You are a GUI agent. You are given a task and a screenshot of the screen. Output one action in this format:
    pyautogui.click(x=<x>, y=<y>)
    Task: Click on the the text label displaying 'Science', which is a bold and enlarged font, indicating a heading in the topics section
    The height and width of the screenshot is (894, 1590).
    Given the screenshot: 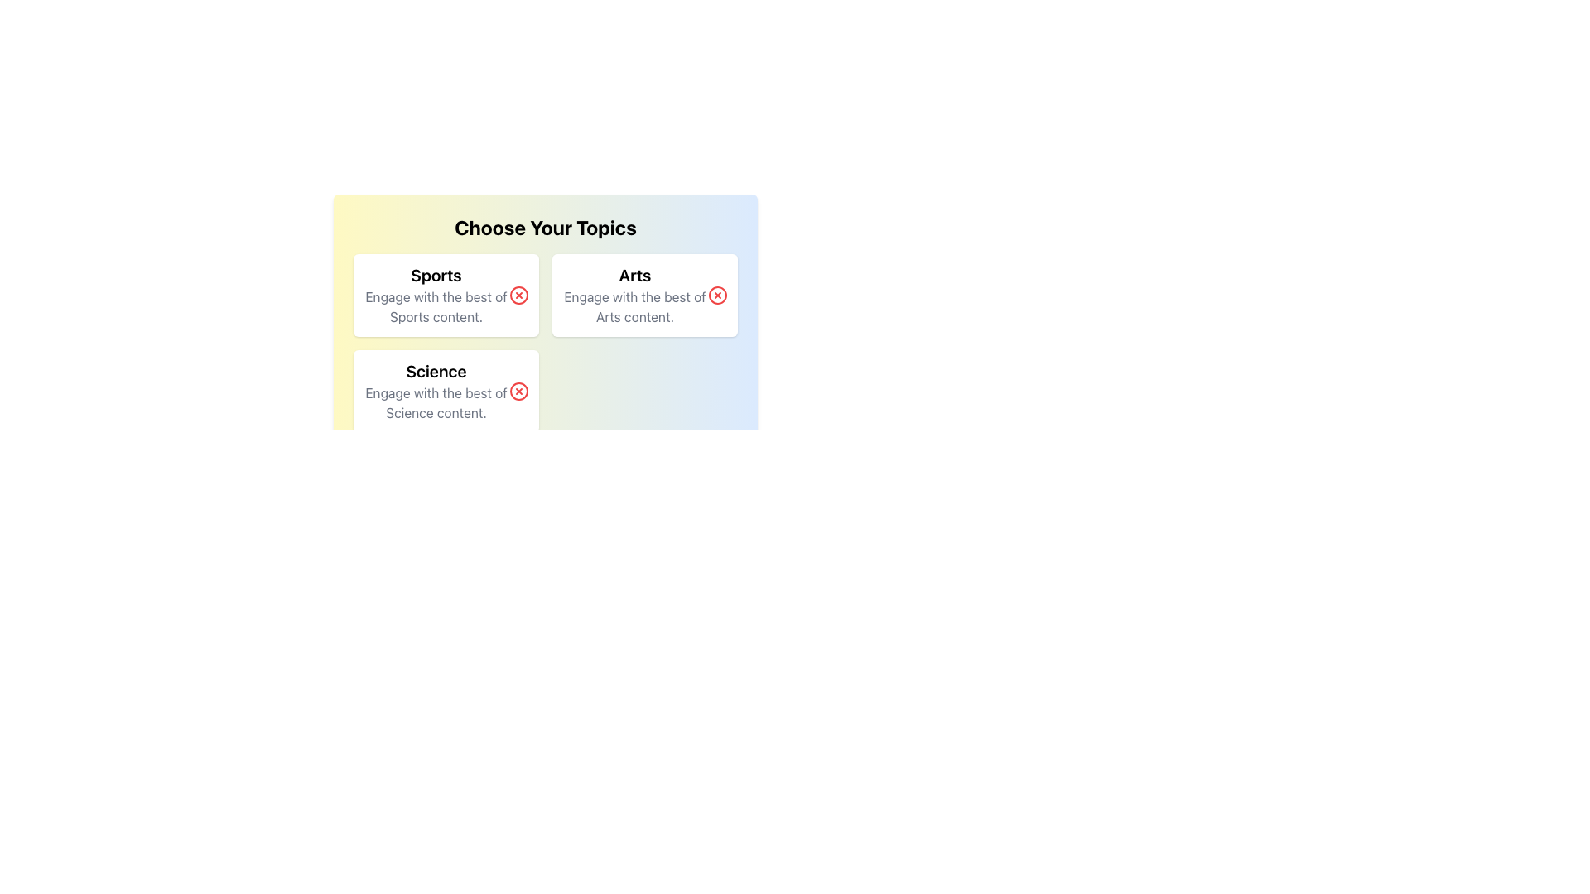 What is the action you would take?
    pyautogui.click(x=436, y=370)
    